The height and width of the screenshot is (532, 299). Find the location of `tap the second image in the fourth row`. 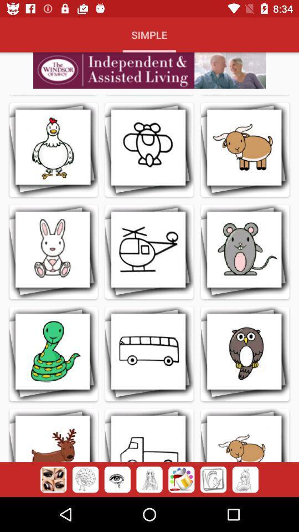

tap the second image in the fourth row is located at coordinates (149, 435).